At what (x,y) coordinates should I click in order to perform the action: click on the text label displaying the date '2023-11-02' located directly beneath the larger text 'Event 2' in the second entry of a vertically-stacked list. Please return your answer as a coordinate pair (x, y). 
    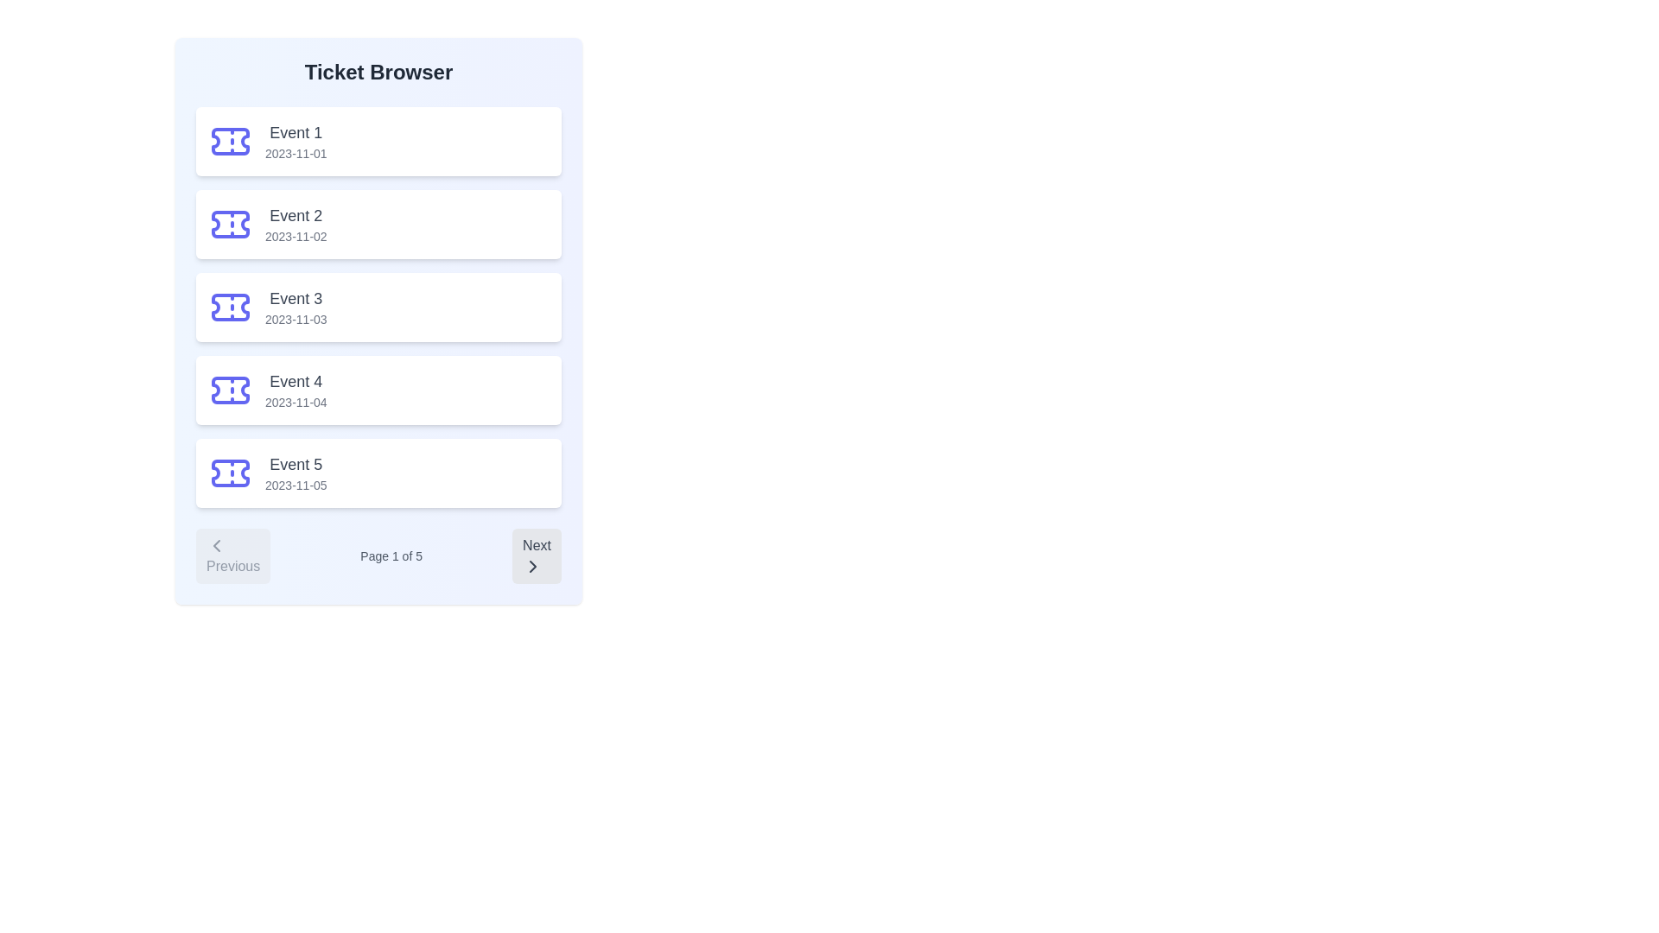
    Looking at the image, I should click on (296, 236).